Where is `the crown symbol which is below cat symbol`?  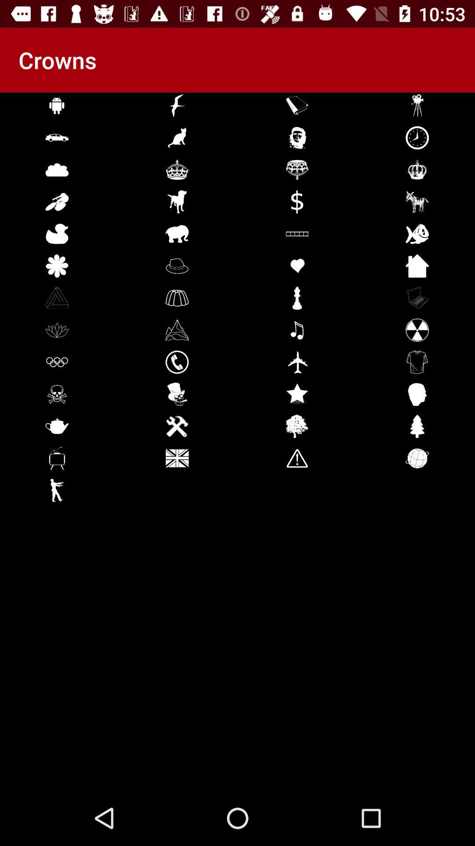
the crown symbol which is below cat symbol is located at coordinates (177, 170).